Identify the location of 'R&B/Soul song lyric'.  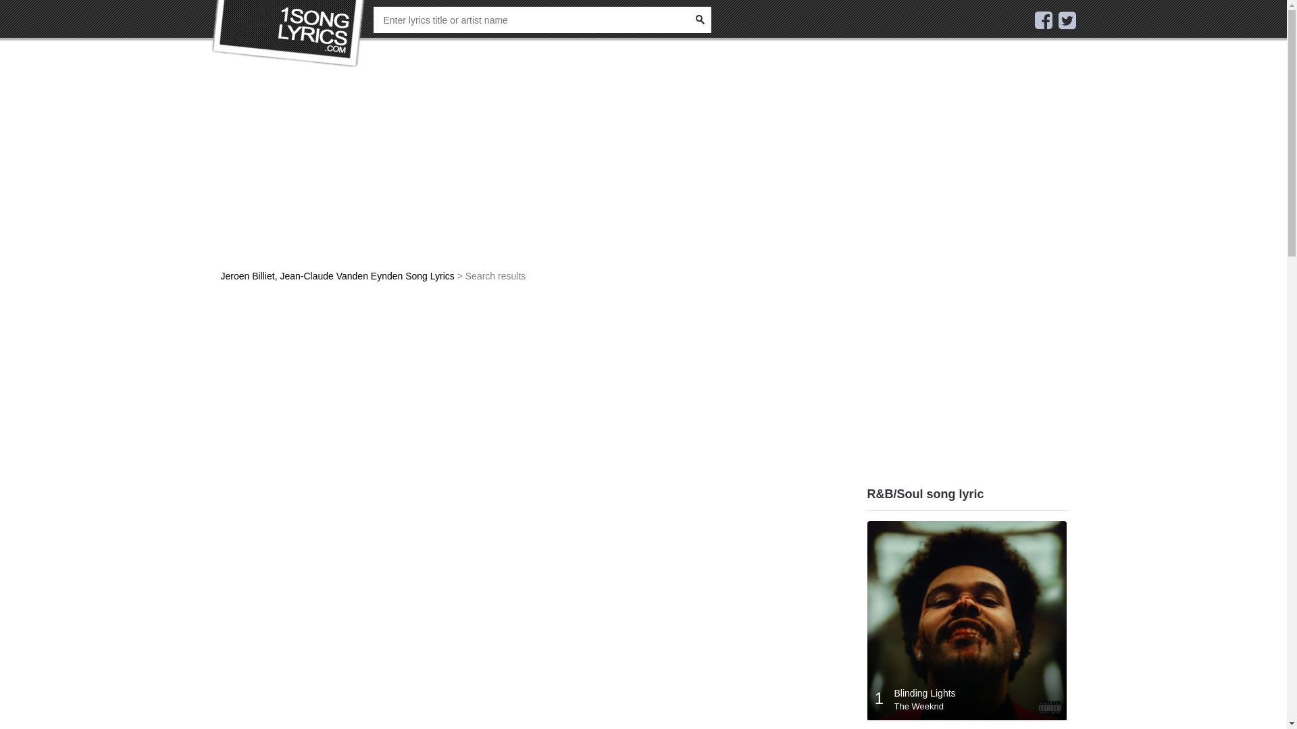
(925, 494).